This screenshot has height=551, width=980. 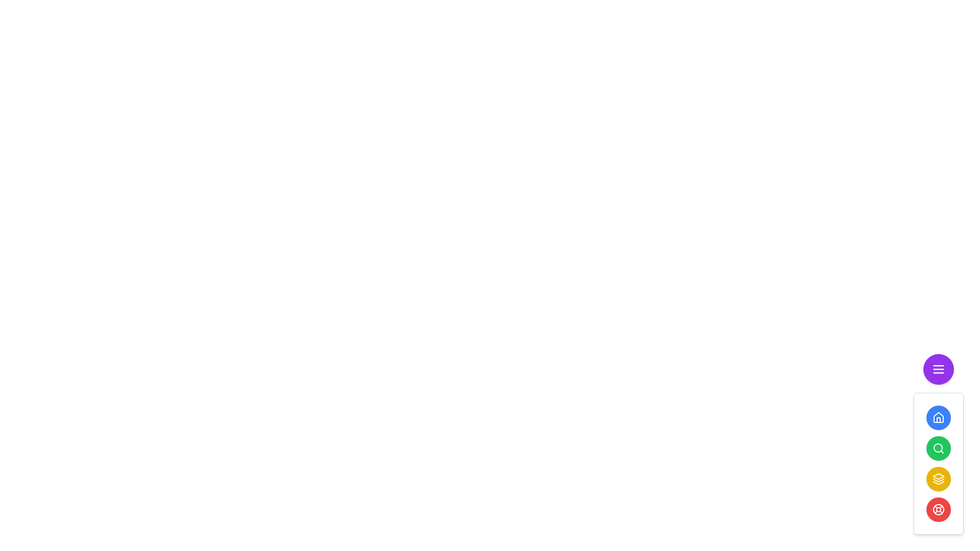 I want to click on the circular graphical element (SVG Circle) located at the center of the magnifying glass icon on the right side of the interface, so click(x=938, y=447).